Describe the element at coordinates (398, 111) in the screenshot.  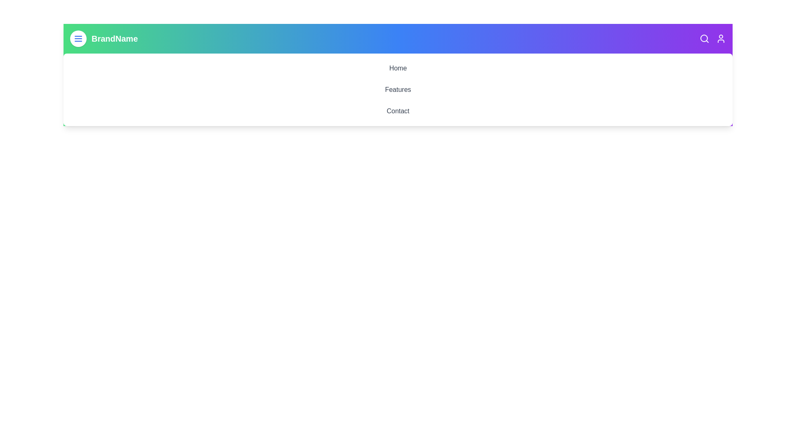
I see `the 'Contact' menu item` at that location.